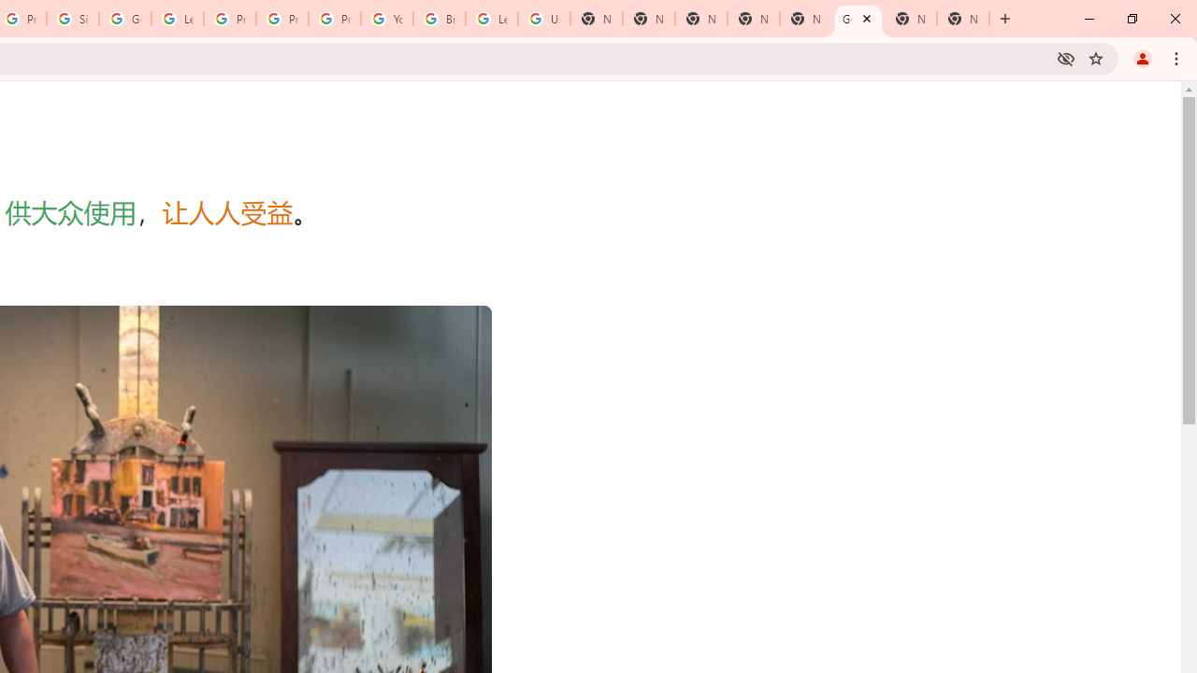 Image resolution: width=1197 pixels, height=673 pixels. I want to click on 'New Tab', so click(963, 19).